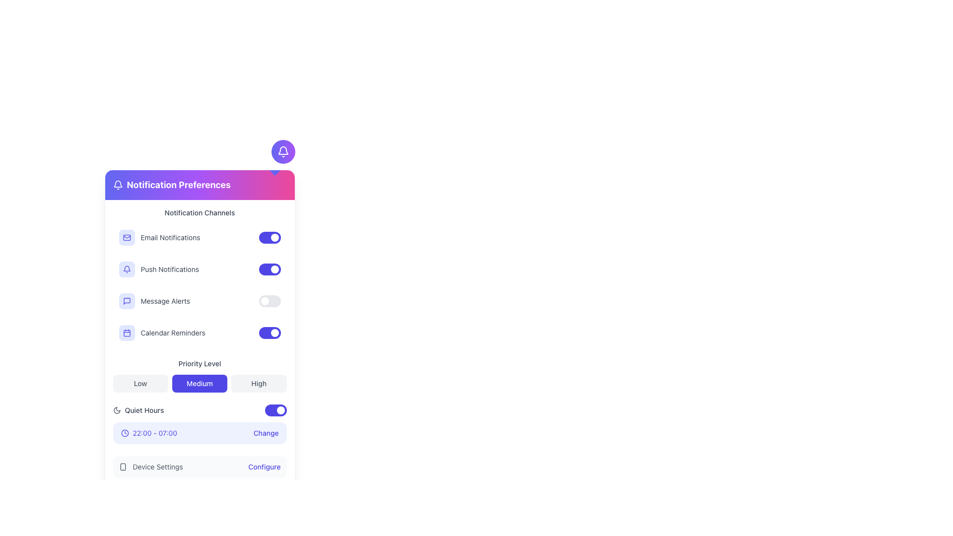 The height and width of the screenshot is (536, 953). What do you see at coordinates (282, 151) in the screenshot?
I see `the bell icon located in the upper-right portion of the interface above the 'Notification Preferences' section` at bounding box center [282, 151].